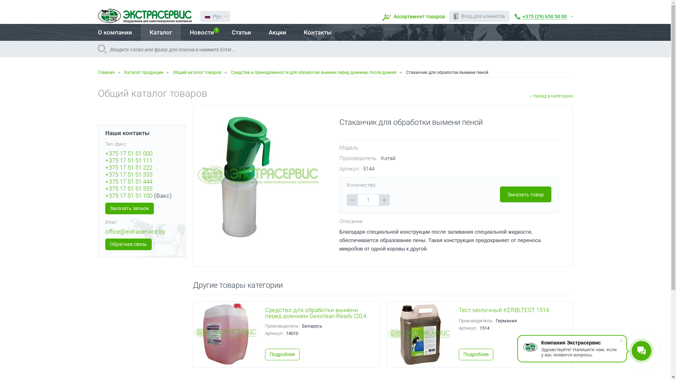 This screenshot has height=380, width=676. Describe the element at coordinates (104, 188) in the screenshot. I see `'+375 17 51 51 555'` at that location.